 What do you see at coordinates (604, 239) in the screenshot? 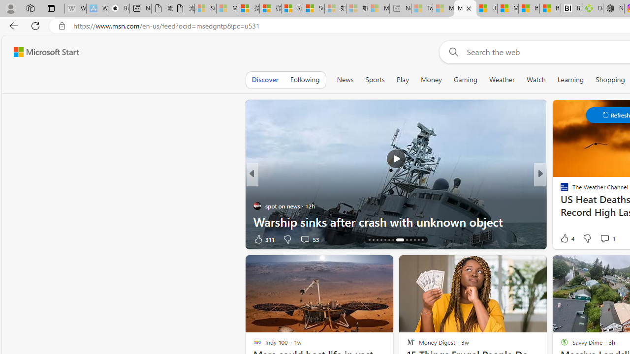
I see `'View comments 2 Comment'` at bounding box center [604, 239].